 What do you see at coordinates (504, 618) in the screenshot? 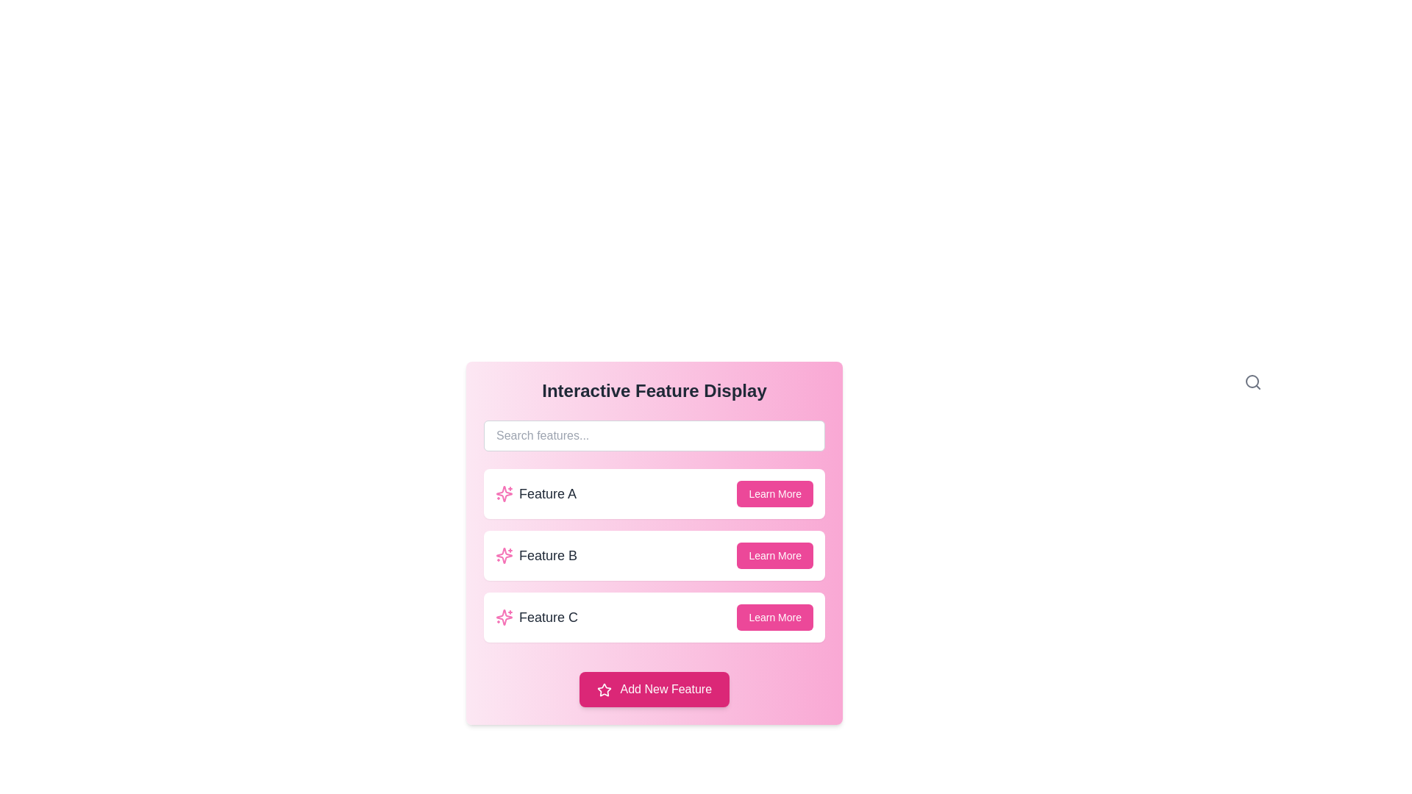
I see `the decorative icon representing 'Feature C', which is the leading icon in the row containing the text 'Feature C', positioned directly to its left` at bounding box center [504, 618].